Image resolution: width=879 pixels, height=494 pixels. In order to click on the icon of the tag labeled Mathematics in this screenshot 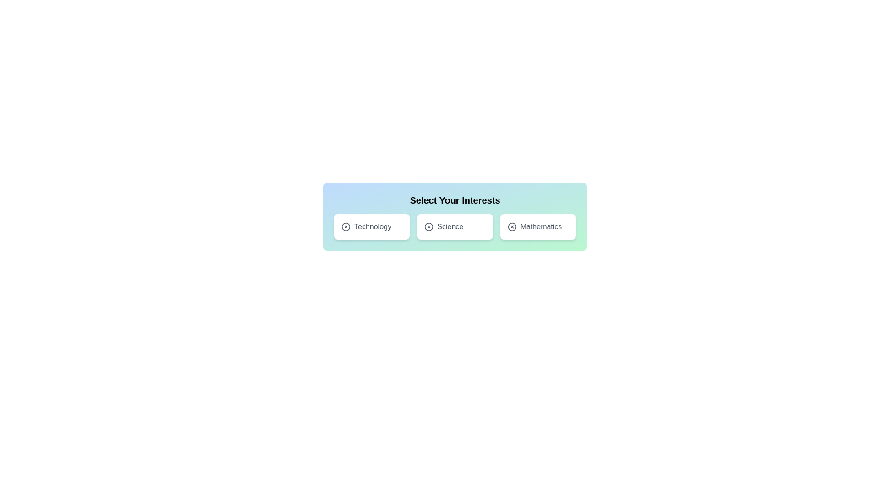, I will do `click(511, 226)`.